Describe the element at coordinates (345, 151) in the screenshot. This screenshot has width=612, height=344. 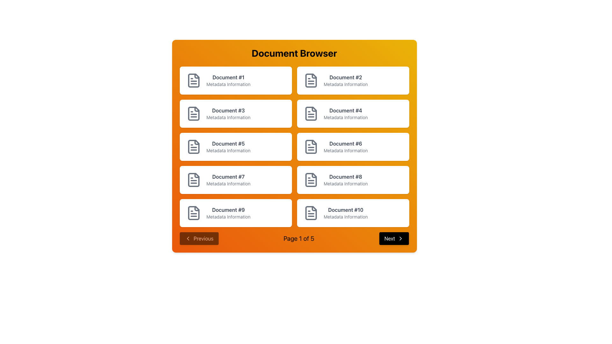
I see `the descriptive Text label located in the lower section of the box for 'Document #6', positioned directly below its title in the document grid` at that location.